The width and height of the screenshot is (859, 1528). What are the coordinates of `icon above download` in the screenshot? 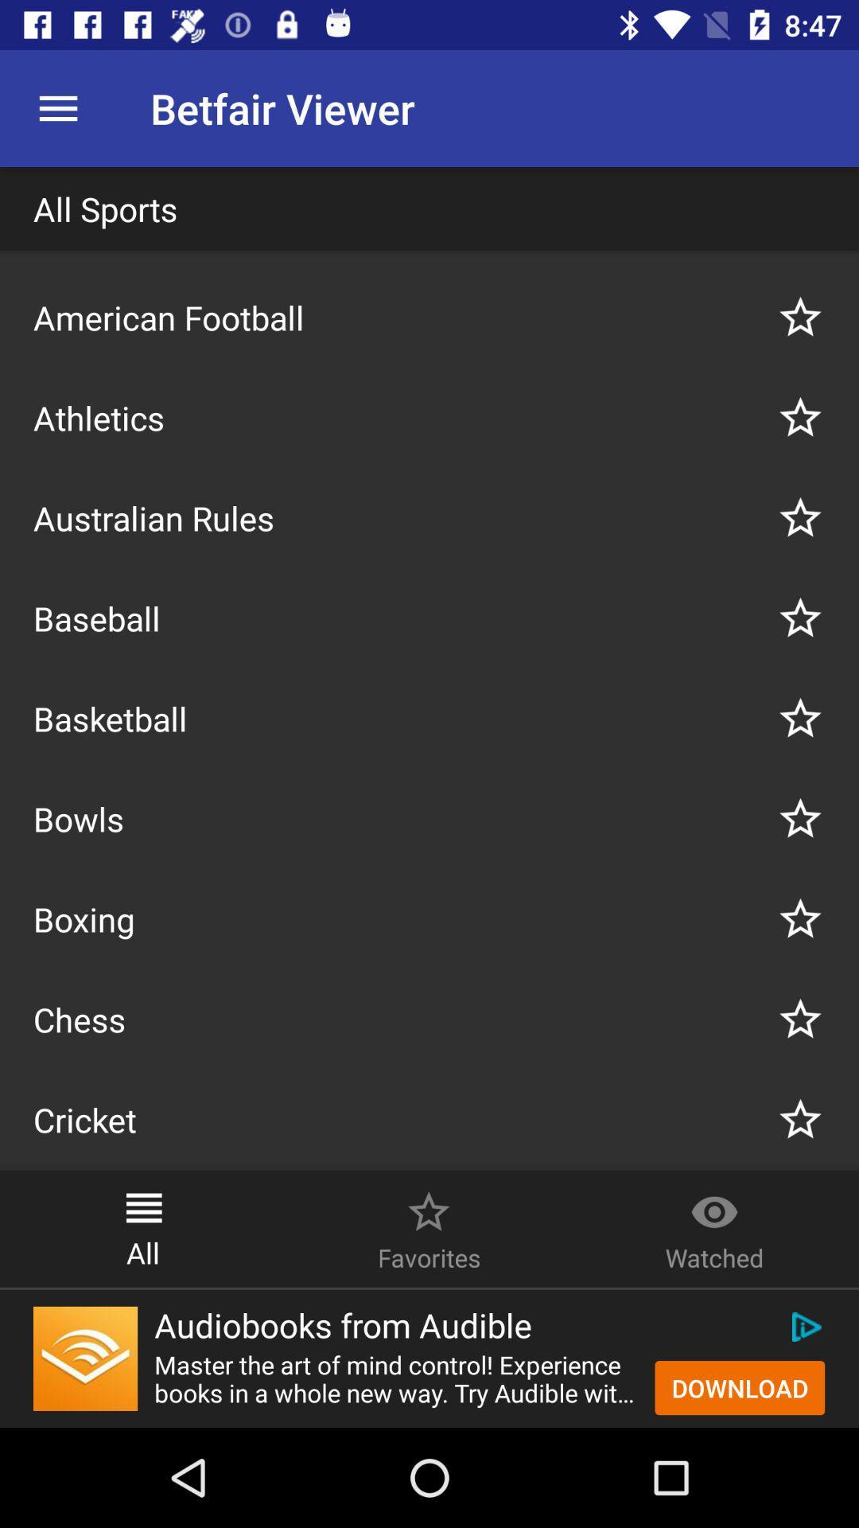 It's located at (804, 1327).